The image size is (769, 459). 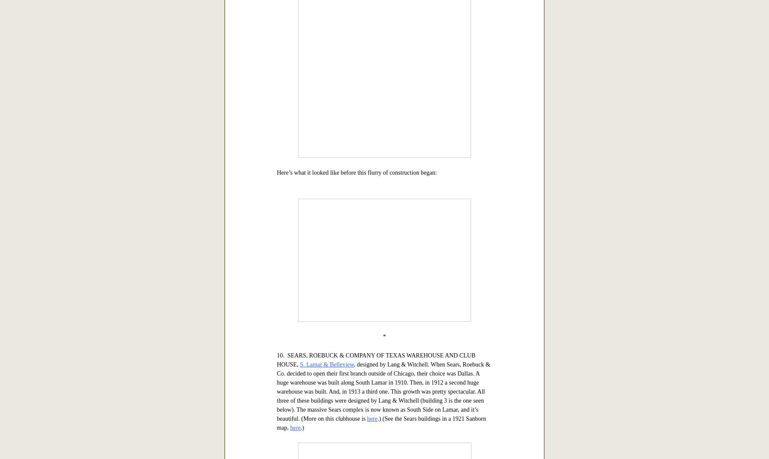 I want to click on 'Main & Lamar', so click(x=393, y=68).